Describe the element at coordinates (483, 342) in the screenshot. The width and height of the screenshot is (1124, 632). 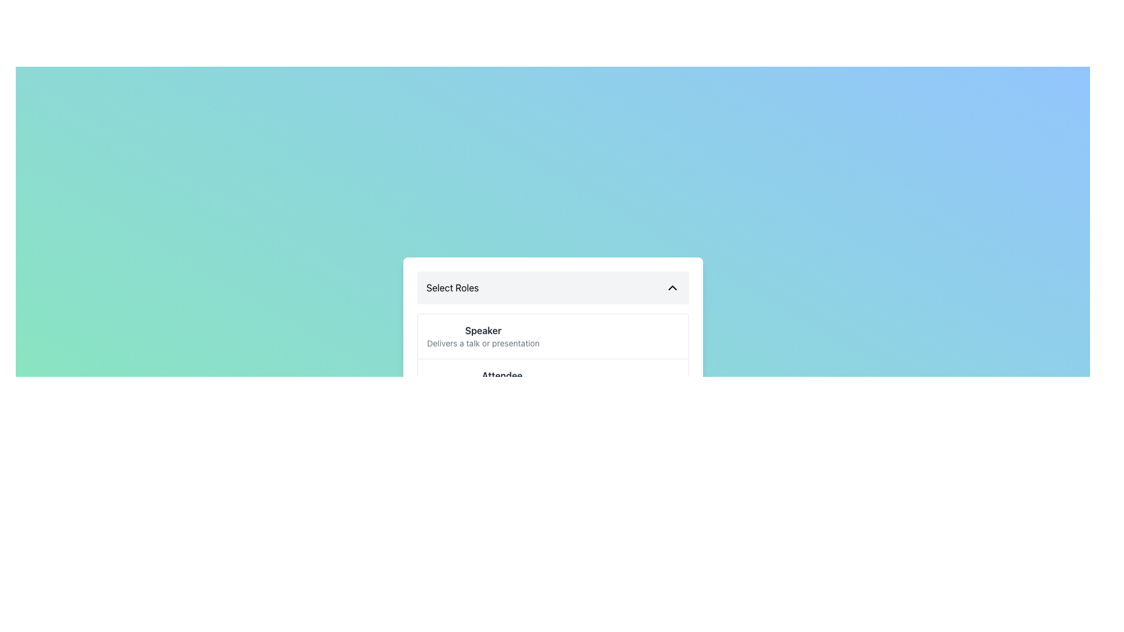
I see `the descriptive text that displays 'Delivers a talk or presentation', which is styled in a smaller gray font and located directly beneath the bolded label 'Speaker'` at that location.